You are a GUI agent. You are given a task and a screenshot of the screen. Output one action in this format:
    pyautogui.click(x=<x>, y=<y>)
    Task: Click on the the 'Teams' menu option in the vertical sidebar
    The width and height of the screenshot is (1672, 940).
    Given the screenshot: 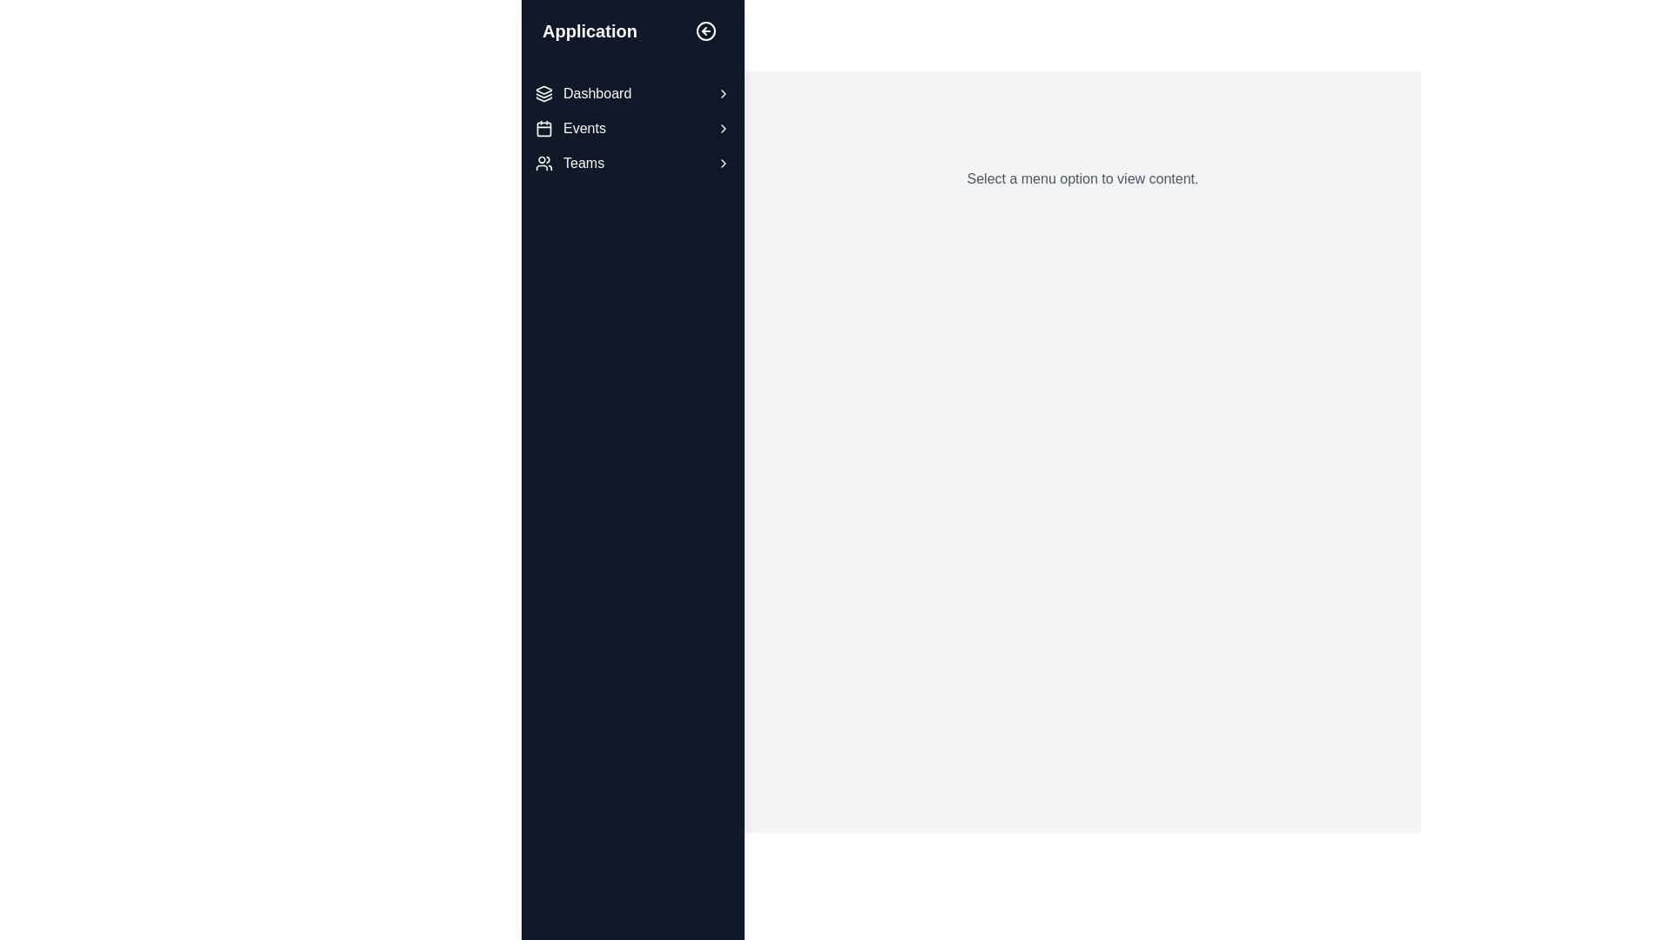 What is the action you would take?
    pyautogui.click(x=631, y=164)
    